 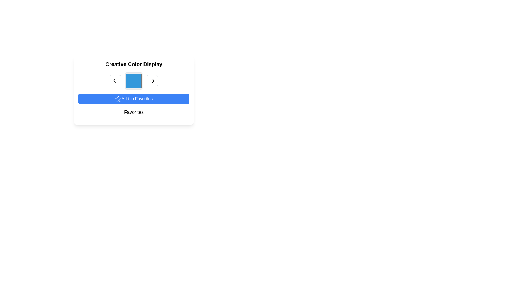 What do you see at coordinates (118, 99) in the screenshot?
I see `the star-shaped icon outlined with a blue border, located to the left of the 'Add to Favorites' label on the blue button` at bounding box center [118, 99].